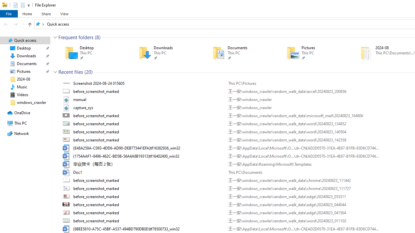 Image resolution: width=415 pixels, height=233 pixels. What do you see at coordinates (40, 24) in the screenshot?
I see `'All locations'` at bounding box center [40, 24].